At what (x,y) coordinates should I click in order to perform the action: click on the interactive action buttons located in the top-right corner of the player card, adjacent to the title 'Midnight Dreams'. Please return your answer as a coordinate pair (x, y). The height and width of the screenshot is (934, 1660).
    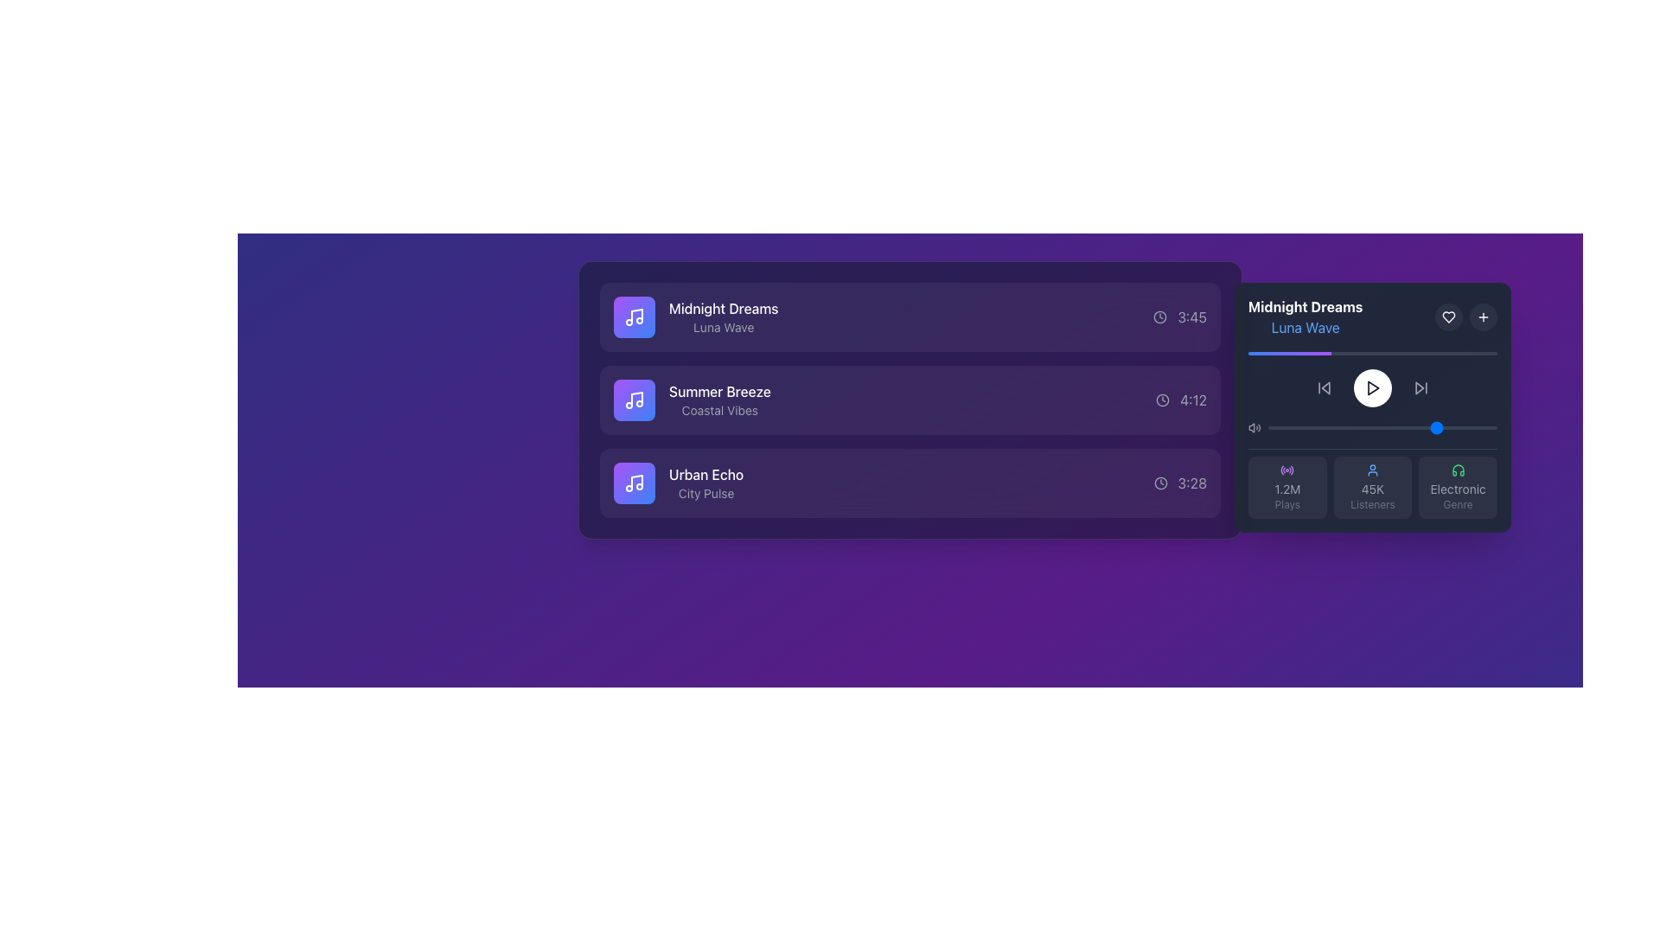
    Looking at the image, I should click on (1465, 317).